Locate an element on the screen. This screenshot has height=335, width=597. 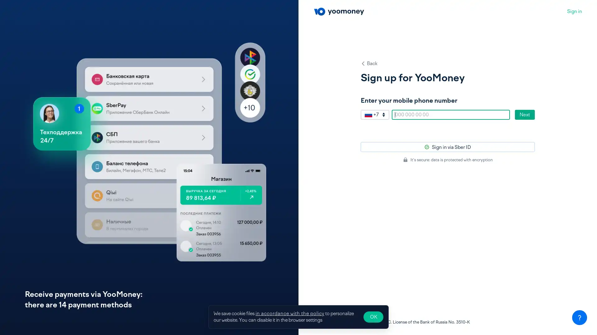
Sign in via Sber ID is located at coordinates (448, 147).